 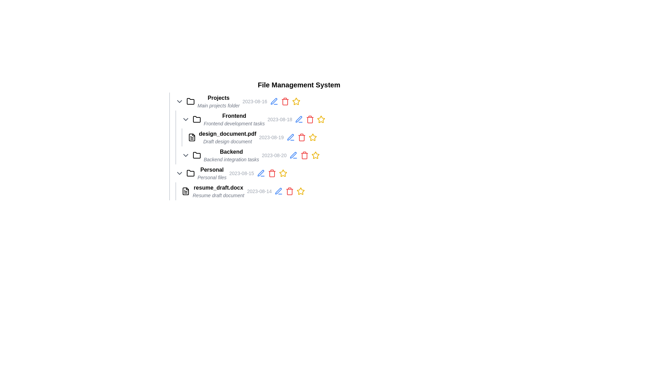 What do you see at coordinates (212, 177) in the screenshot?
I see `the Text label providing supplementary information about the 'Personal' folder, located immediately below the bold label 'Personal' in the folder structure` at bounding box center [212, 177].